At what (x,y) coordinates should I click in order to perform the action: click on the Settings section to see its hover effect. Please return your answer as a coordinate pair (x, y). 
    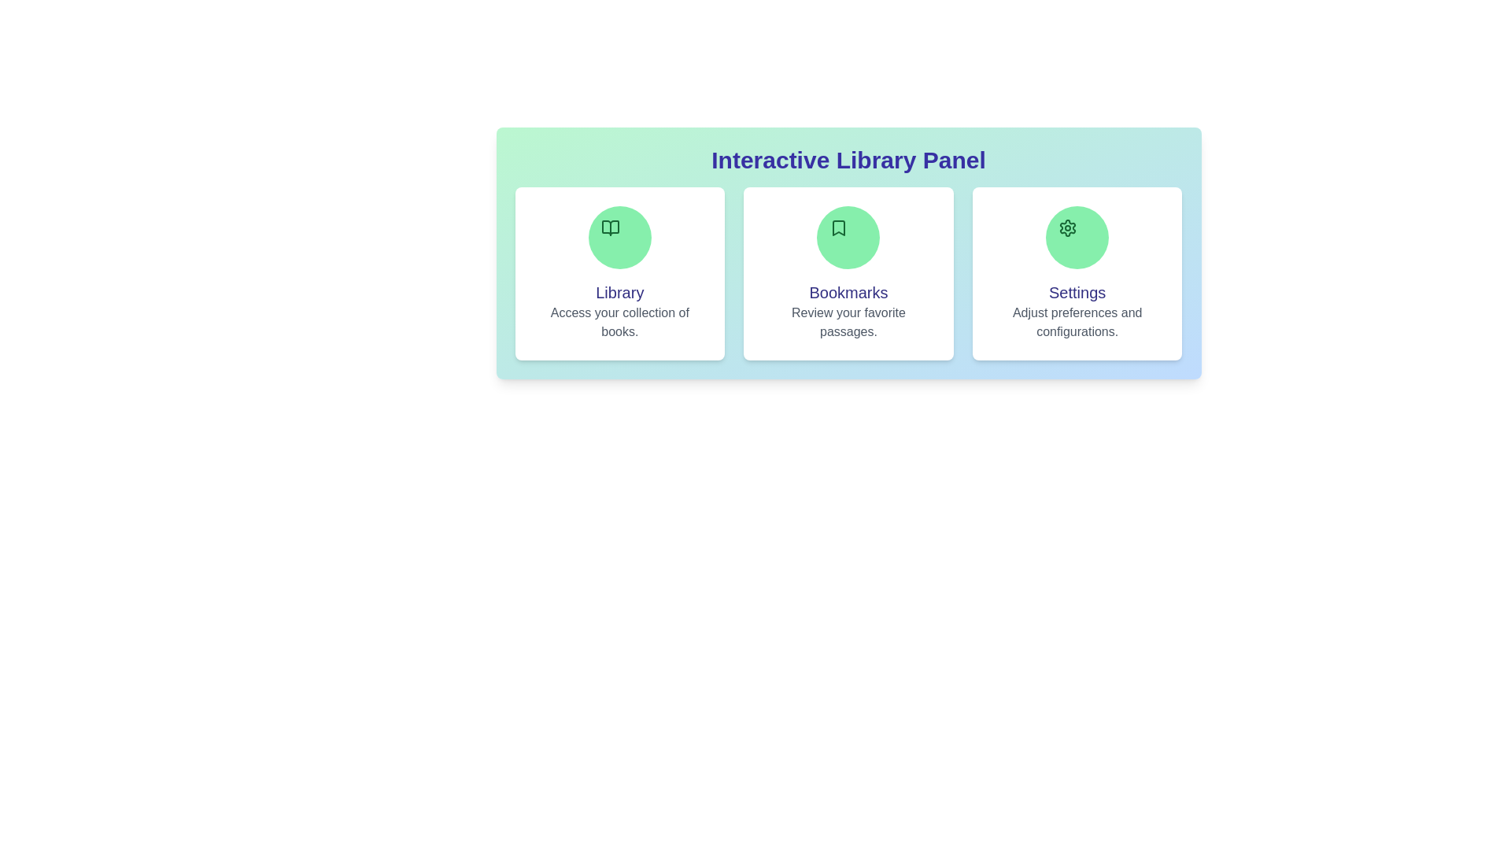
    Looking at the image, I should click on (1077, 272).